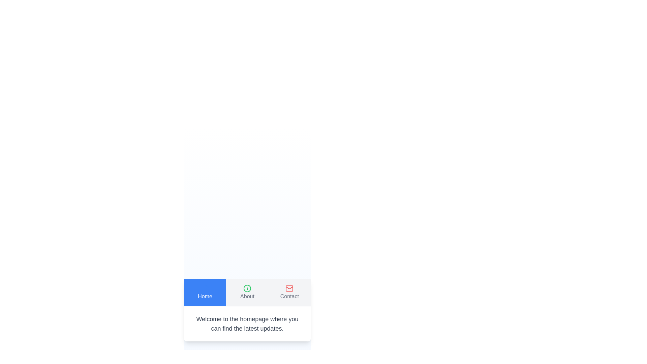 The image size is (647, 364). Describe the element at coordinates (247, 292) in the screenshot. I see `the About tab to view its content` at that location.